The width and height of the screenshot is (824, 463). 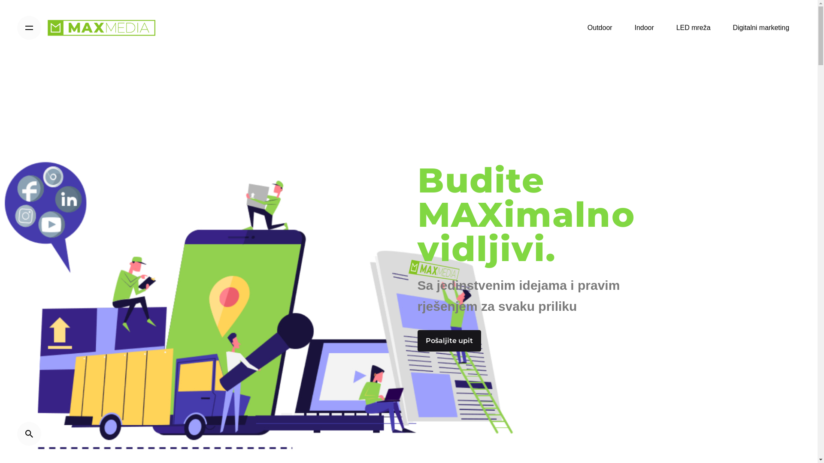 What do you see at coordinates (761, 27) in the screenshot?
I see `'Digitalni marketing'` at bounding box center [761, 27].